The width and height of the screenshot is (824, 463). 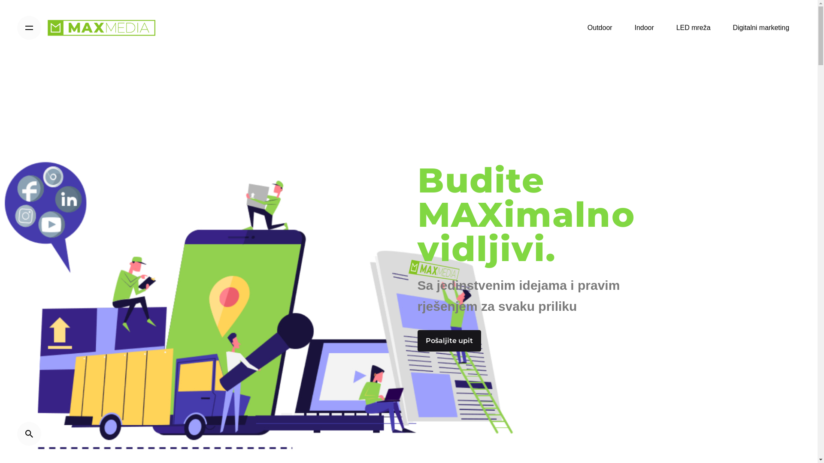 What do you see at coordinates (761, 27) in the screenshot?
I see `'Digitalni marketing'` at bounding box center [761, 27].